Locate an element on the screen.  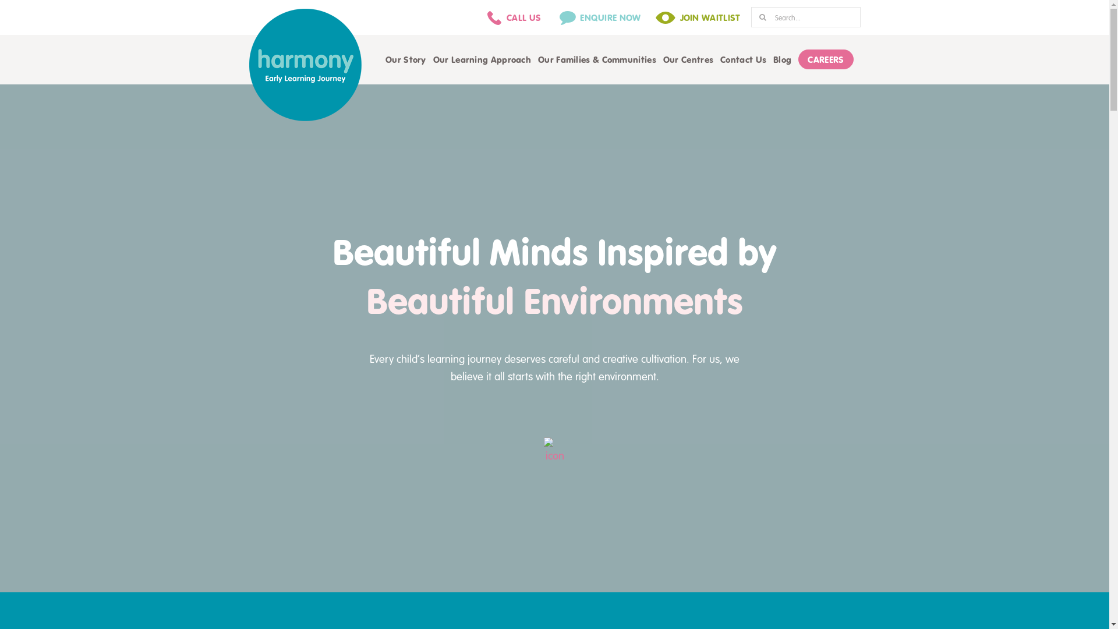
'ENQUIRE NOW' is located at coordinates (598, 17).